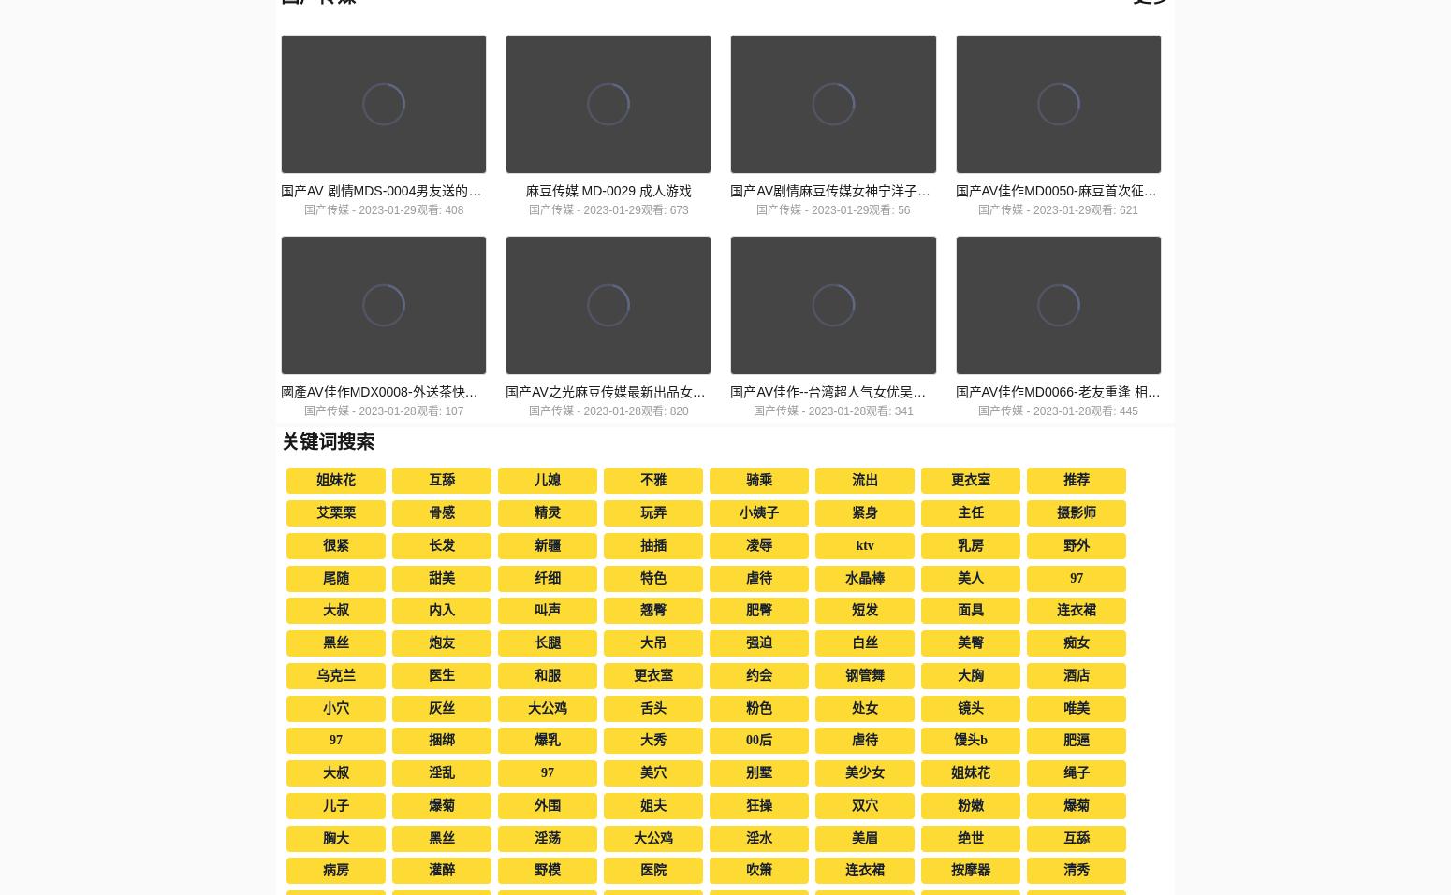 The width and height of the screenshot is (1451, 895). I want to click on '国产AV剧情麻豆传媒女神宁洋子最新力作MDX0009 桃色坏女友卖弄风骚硬上贪玩H-GAME男友', so click(1004, 190).